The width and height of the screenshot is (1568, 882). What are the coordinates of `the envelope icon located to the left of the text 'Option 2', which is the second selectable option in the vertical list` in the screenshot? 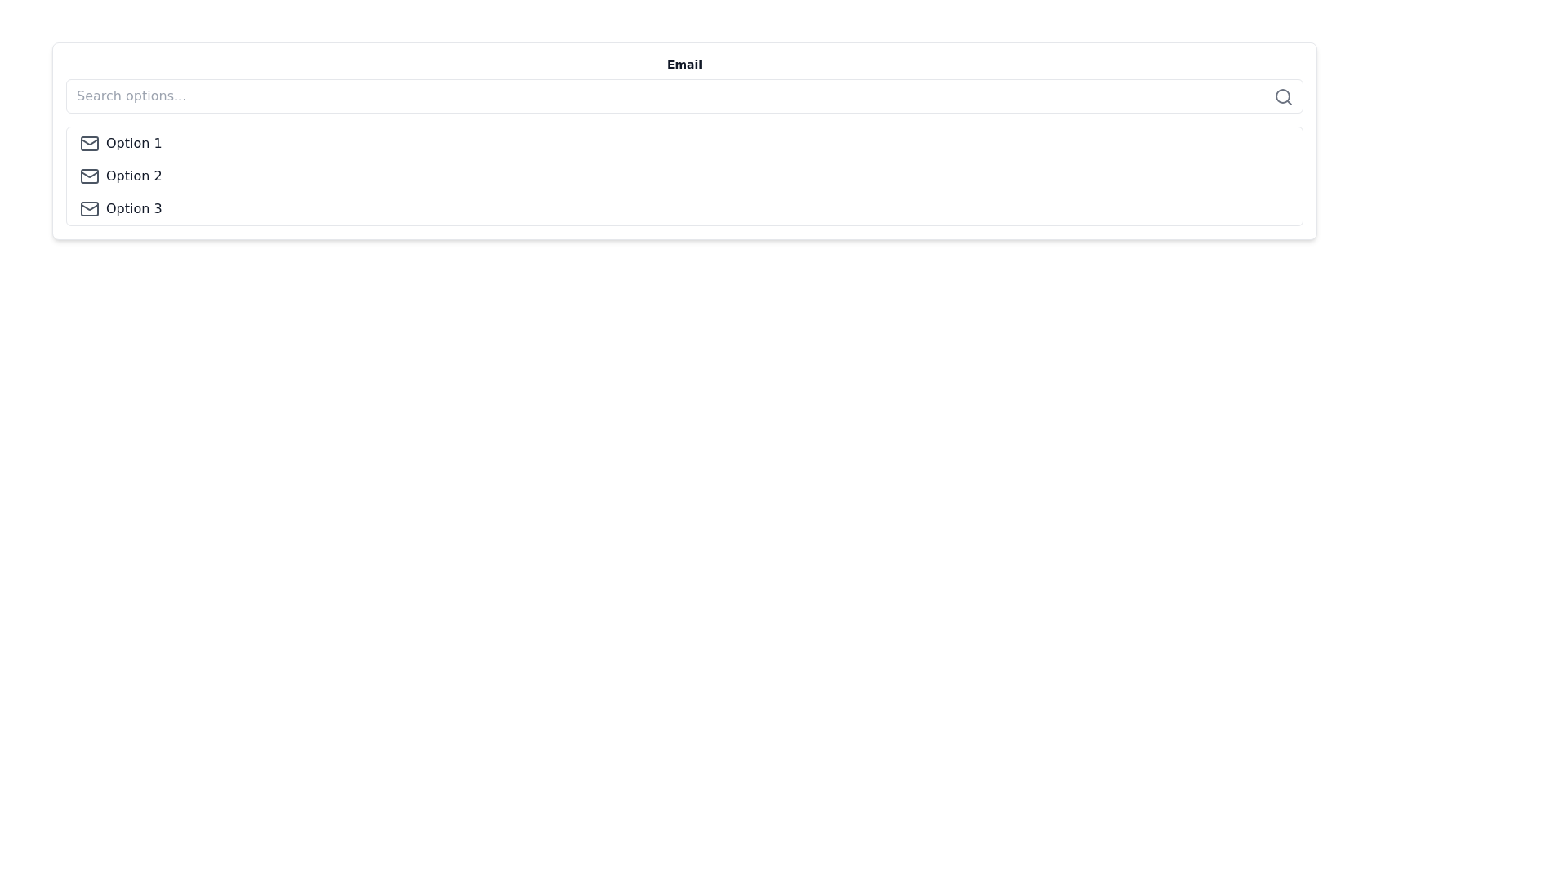 It's located at (89, 176).